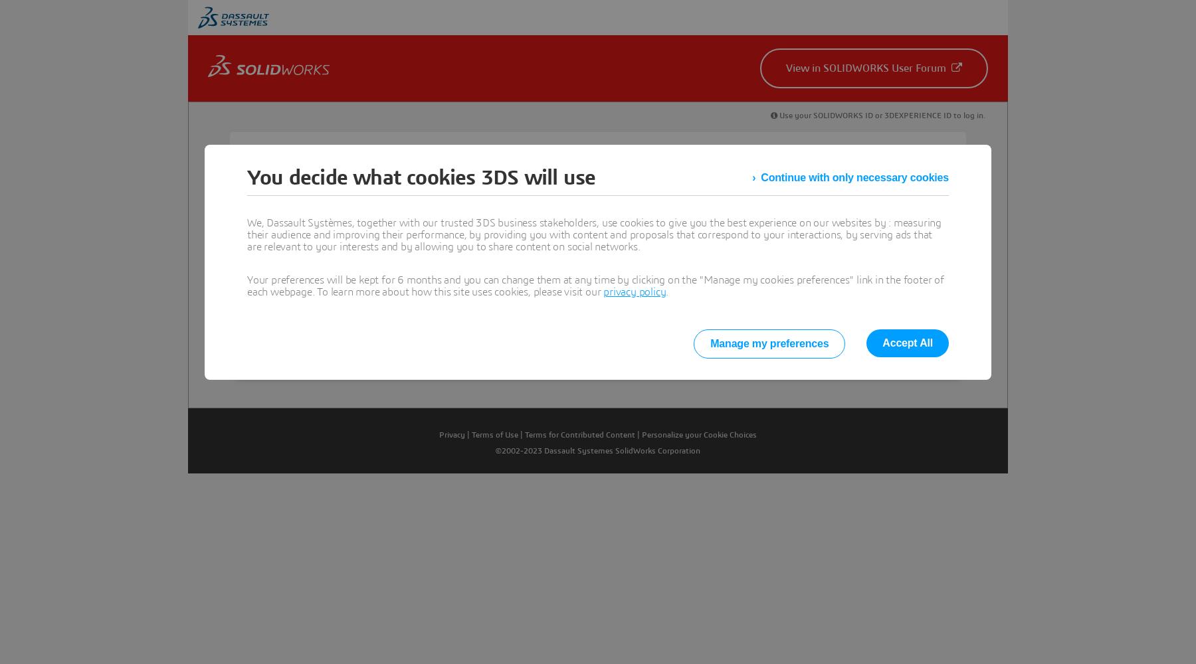  Describe the element at coordinates (866, 67) in the screenshot. I see `'View in SOLIDWORKS User Forum'` at that location.